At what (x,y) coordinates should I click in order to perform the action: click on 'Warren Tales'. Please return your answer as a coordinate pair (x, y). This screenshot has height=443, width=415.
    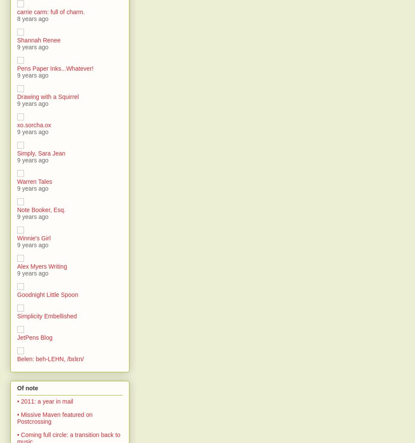
    Looking at the image, I should click on (17, 181).